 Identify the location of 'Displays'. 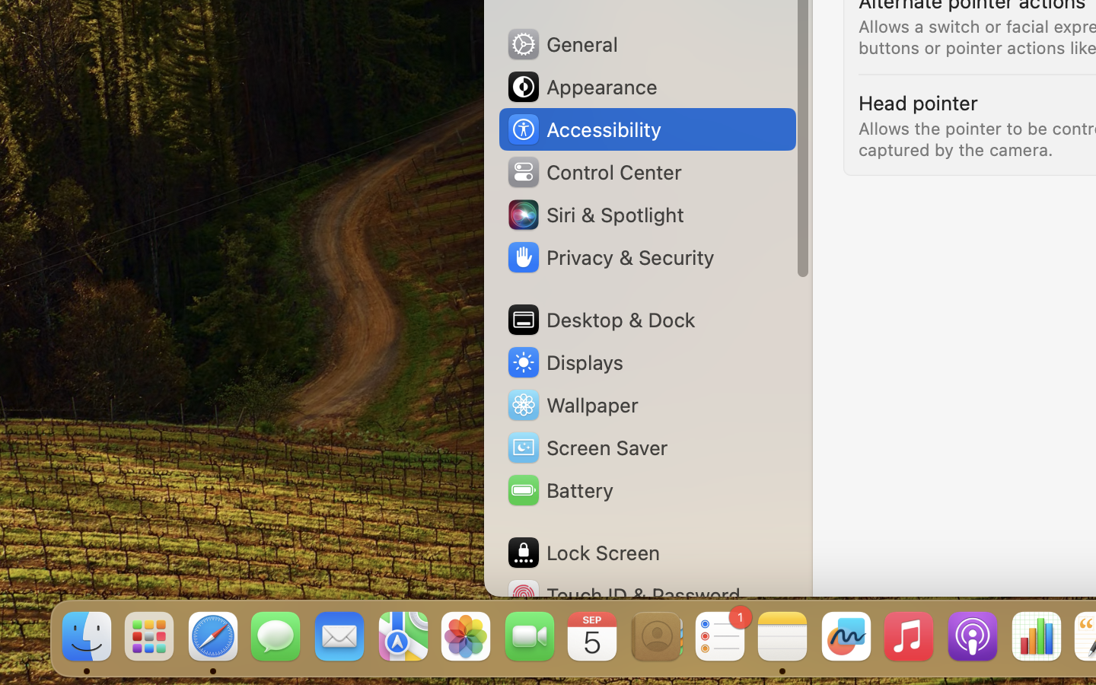
(564, 362).